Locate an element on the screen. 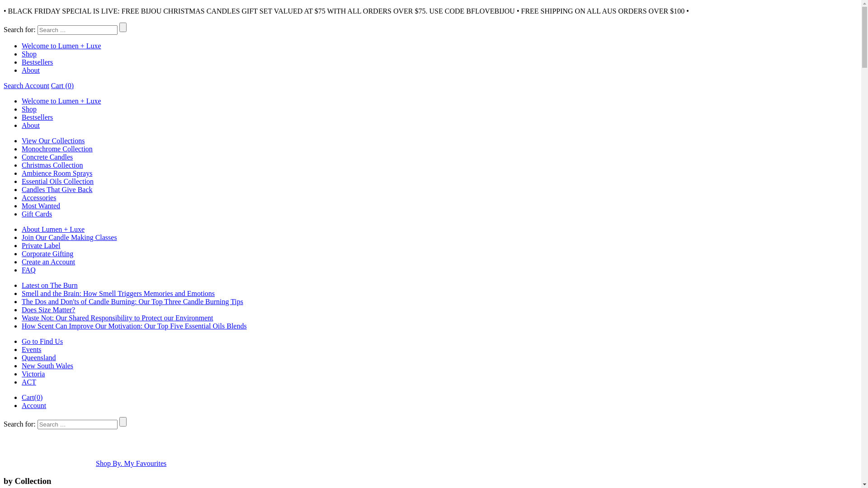  'New South Wales' is located at coordinates (47, 365).